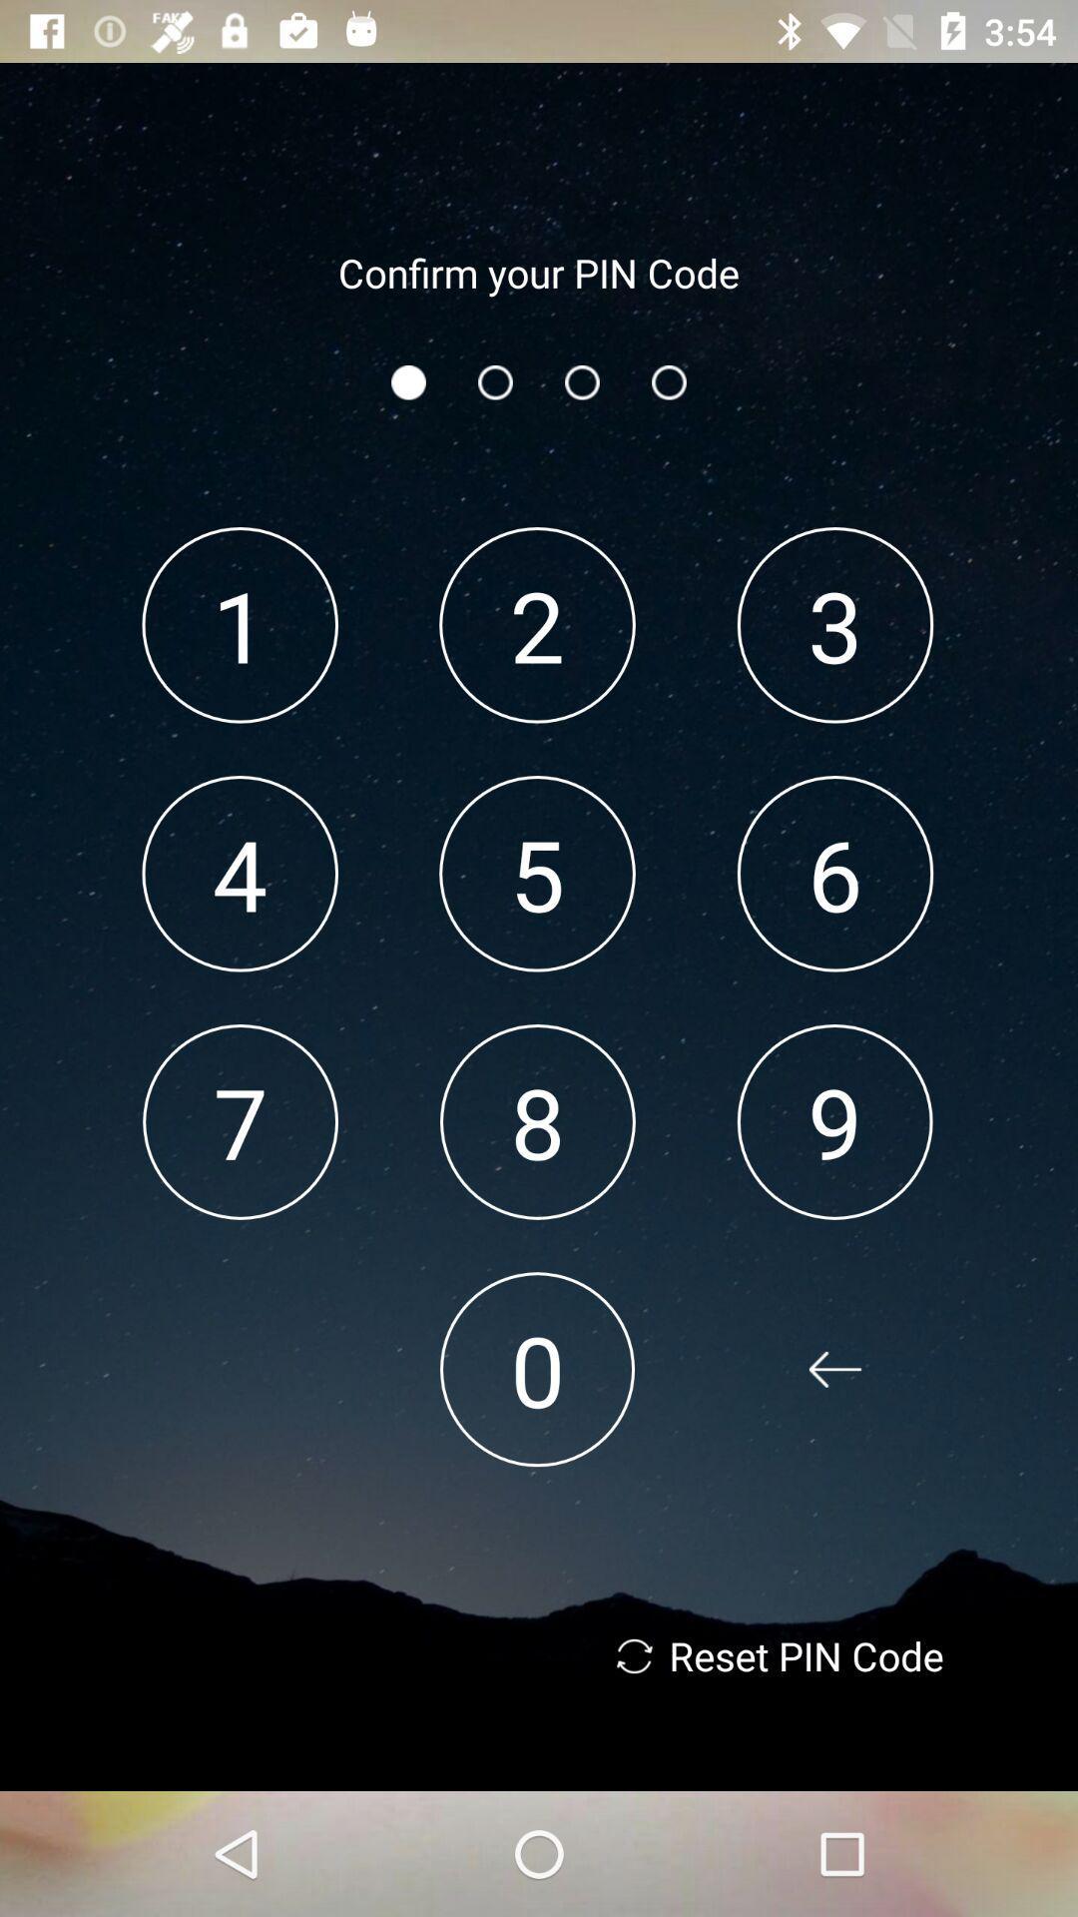  I want to click on item below 8 app, so click(536, 1368).